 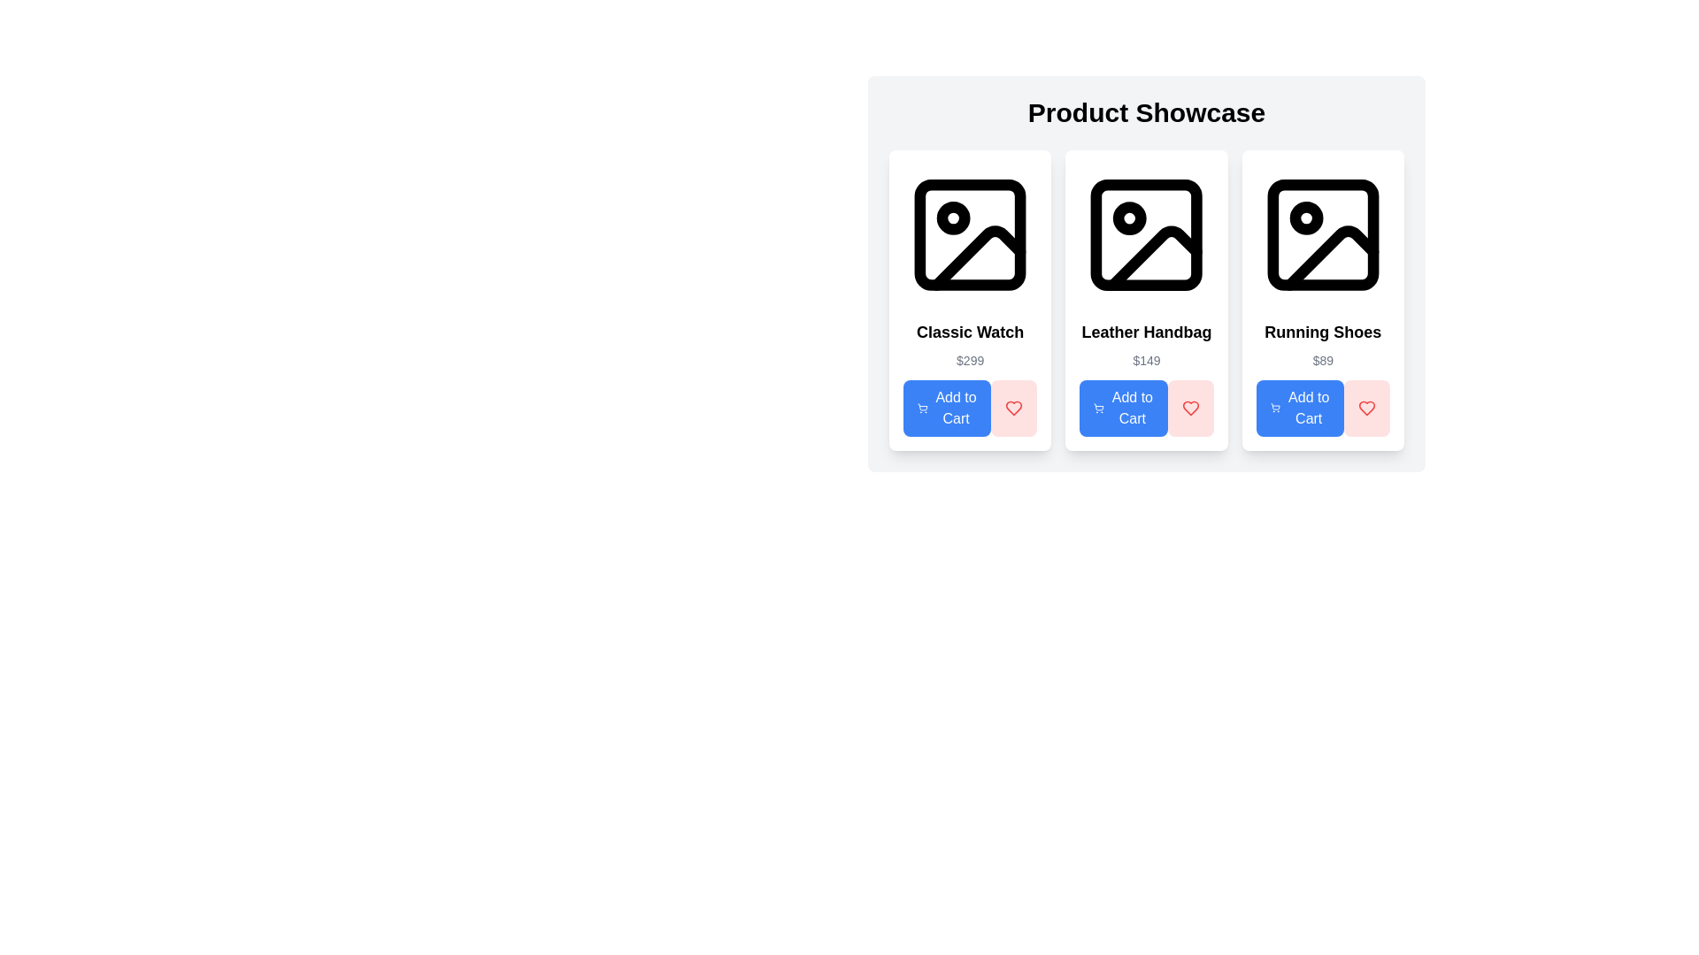 What do you see at coordinates (1147, 409) in the screenshot?
I see `the 'Add to Cart' button located at the bottom-right corner of the 'Leather Handbag' product card` at bounding box center [1147, 409].